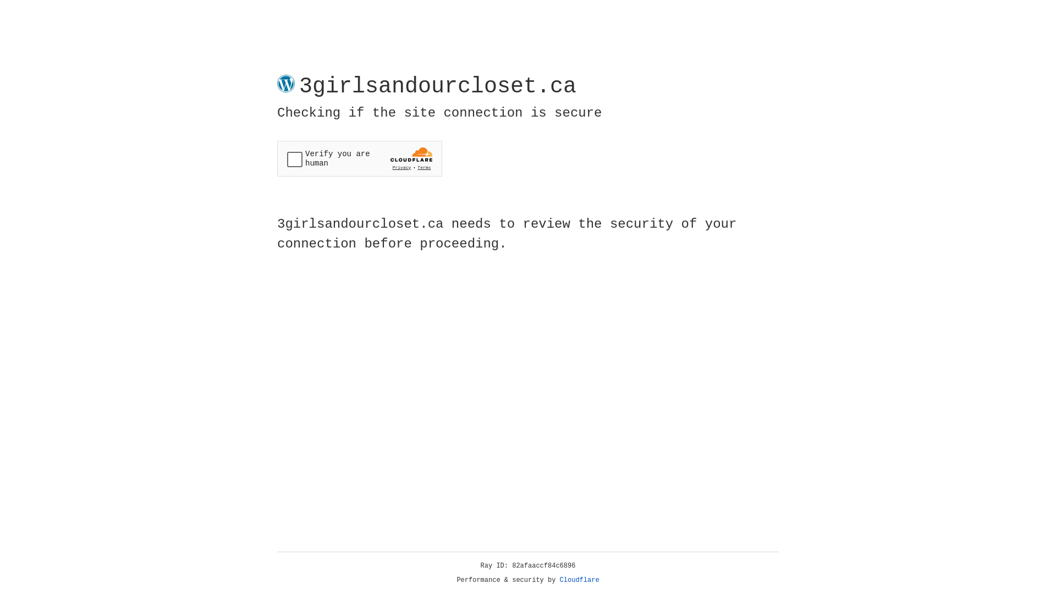 The width and height of the screenshot is (1056, 594). Describe the element at coordinates (559, 580) in the screenshot. I see `'Cloudflare'` at that location.